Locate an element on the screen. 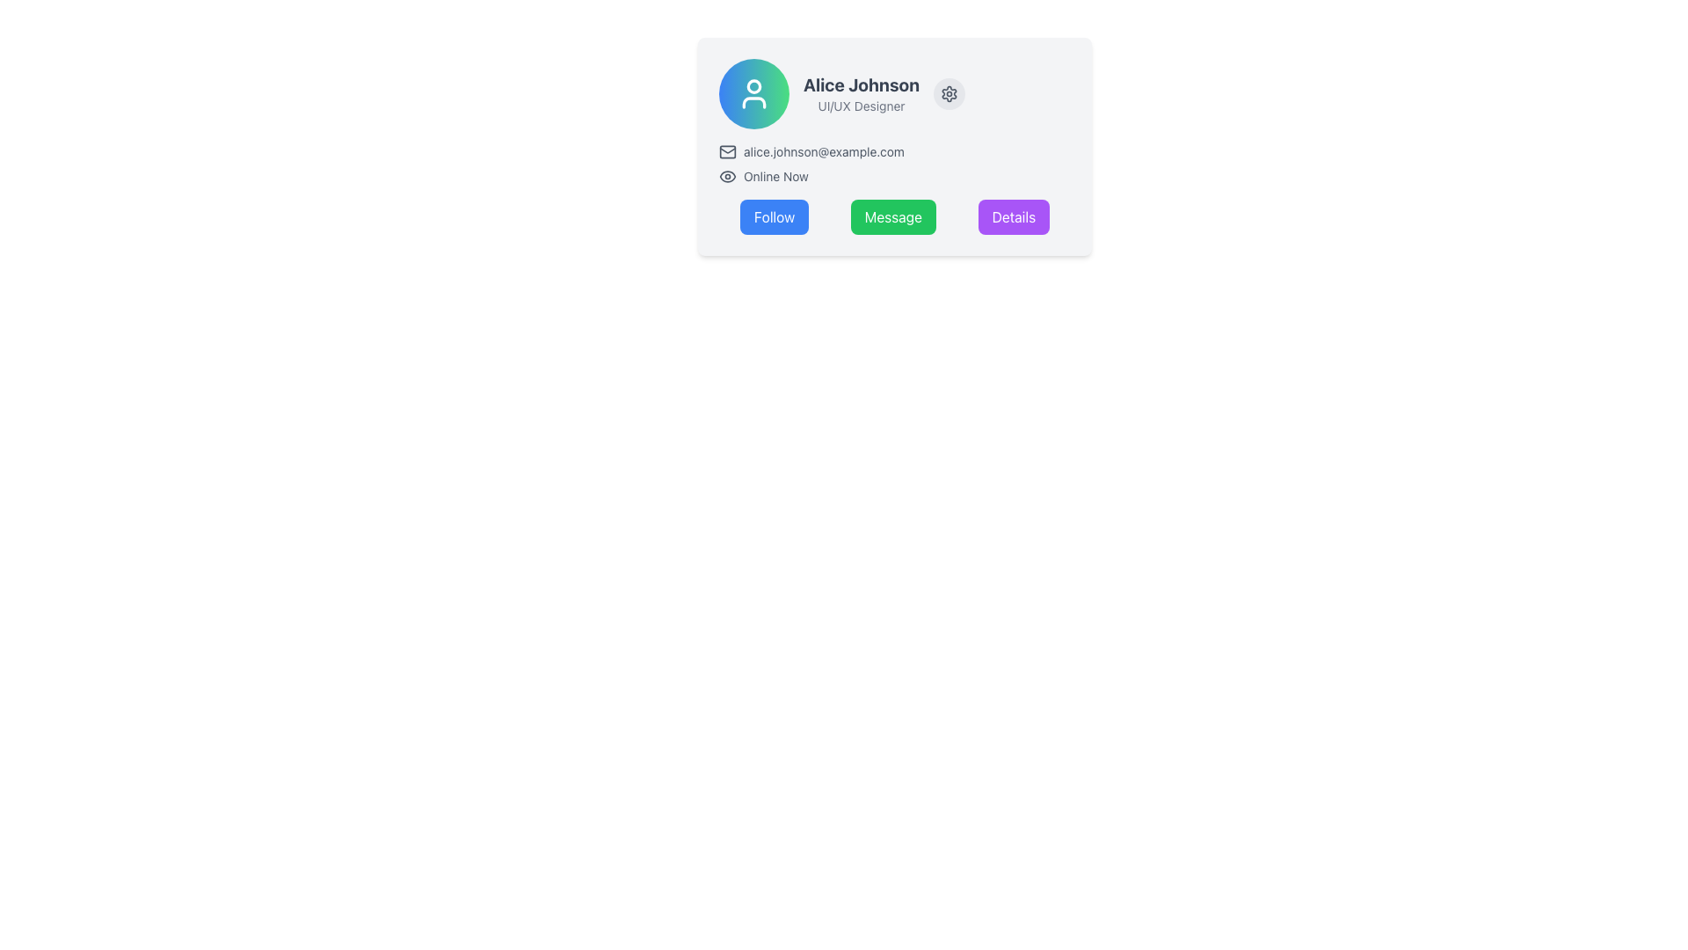 The width and height of the screenshot is (1688, 950). the gear-shaped icon in the top-right corner of the card UI is located at coordinates (949, 94).